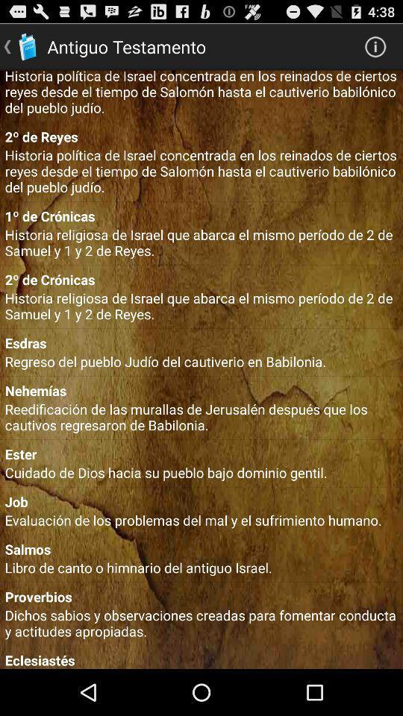  I want to click on cuidado de dios icon, so click(201, 471).